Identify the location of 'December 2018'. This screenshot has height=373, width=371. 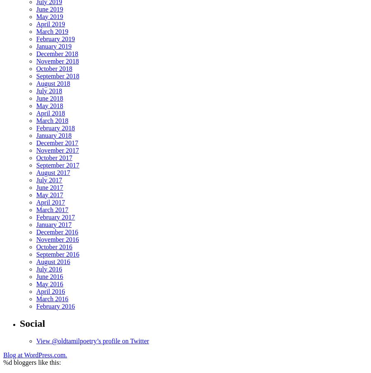
(57, 53).